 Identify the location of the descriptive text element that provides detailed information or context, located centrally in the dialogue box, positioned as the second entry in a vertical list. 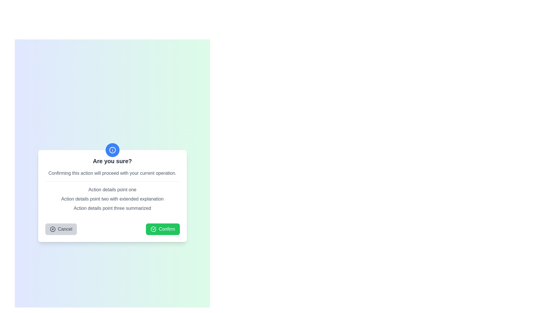
(112, 199).